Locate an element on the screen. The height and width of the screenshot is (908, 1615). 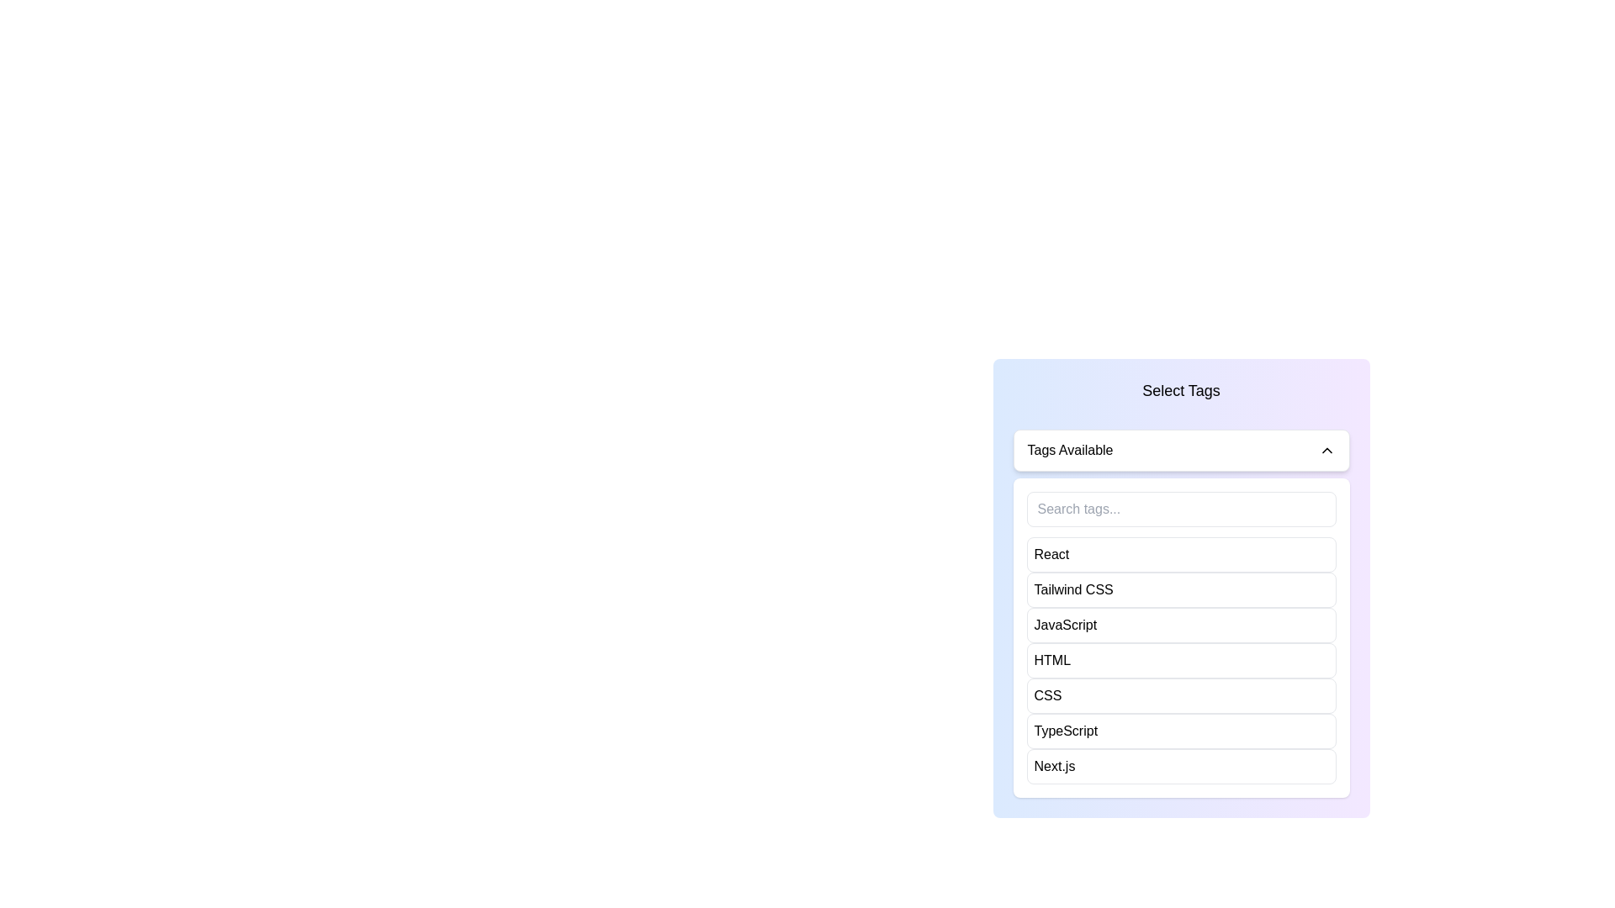
the 'JavaScript' list item in the drop-down menu is located at coordinates (1180, 626).